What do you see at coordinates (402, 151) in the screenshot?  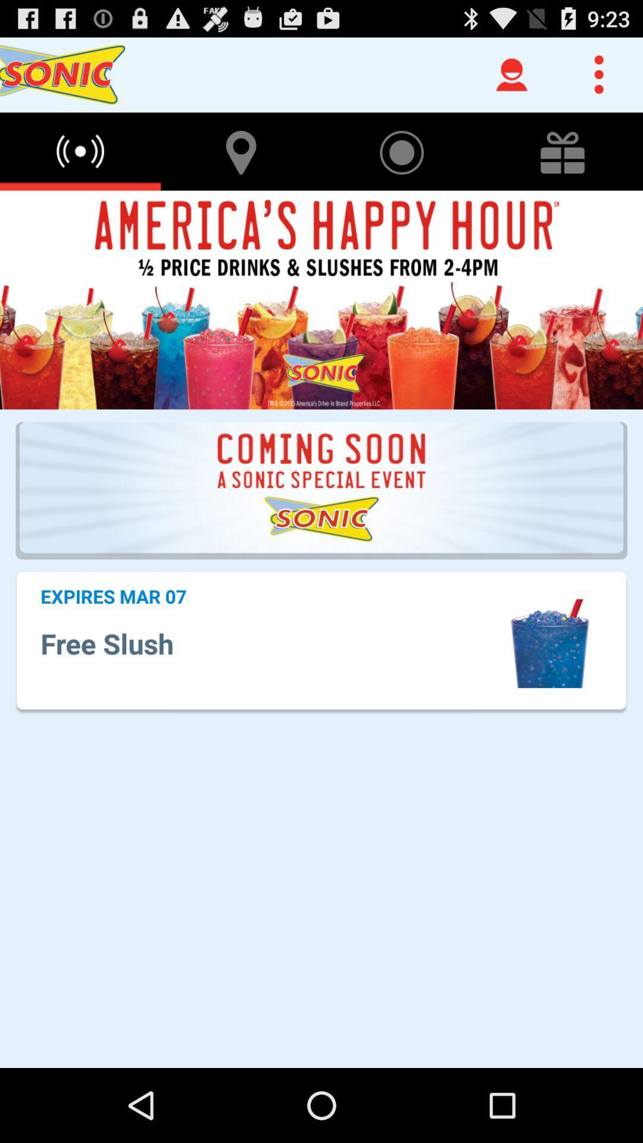 I see `the icon next to the location icon` at bounding box center [402, 151].